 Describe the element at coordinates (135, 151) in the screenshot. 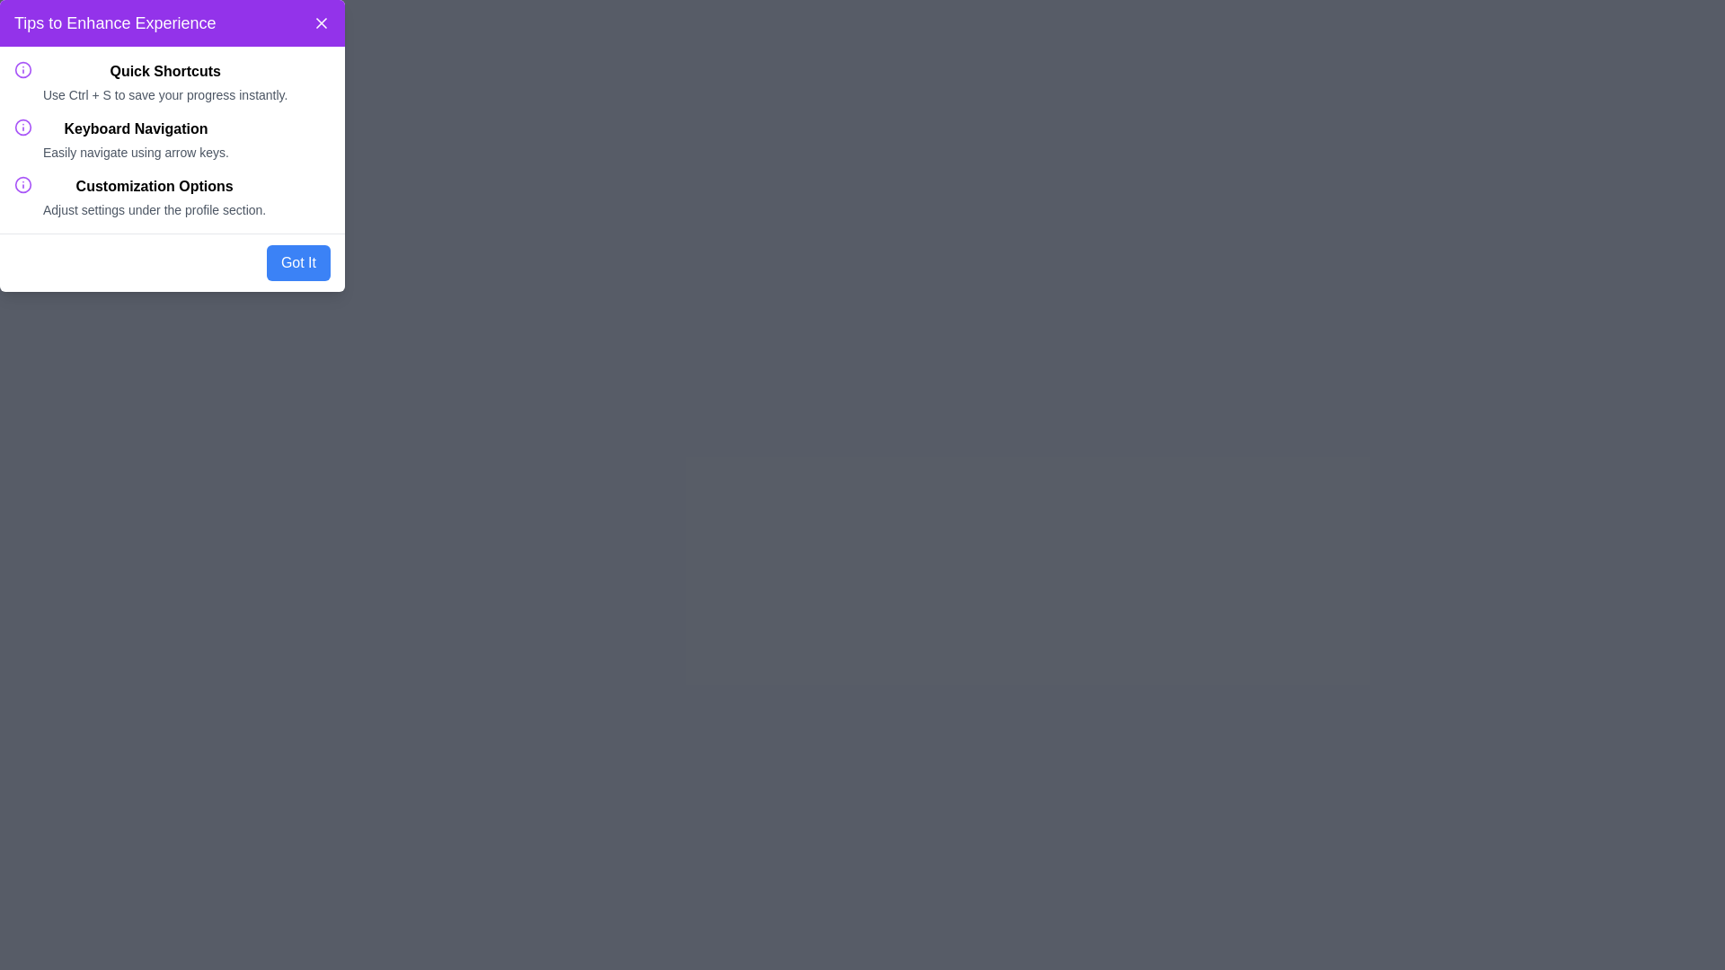

I see `the text element that reads 'Easily navigate using arrow keys.' situated below the 'Keyboard Navigation' heading in the 'Tips to Enhance Experience' modal` at that location.